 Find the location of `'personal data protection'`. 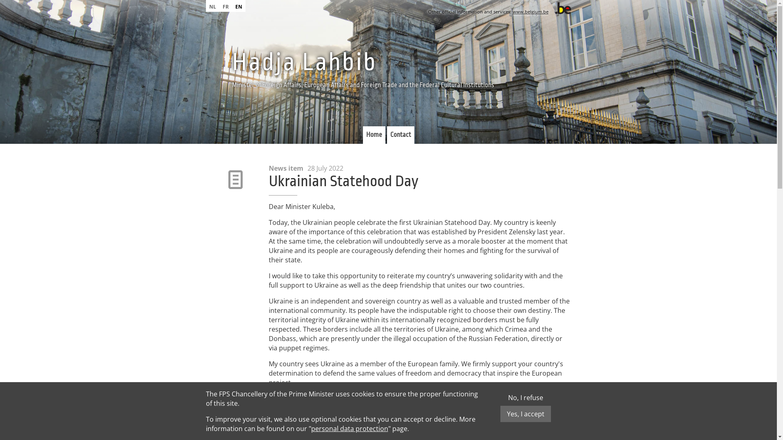

'personal data protection' is located at coordinates (349, 428).